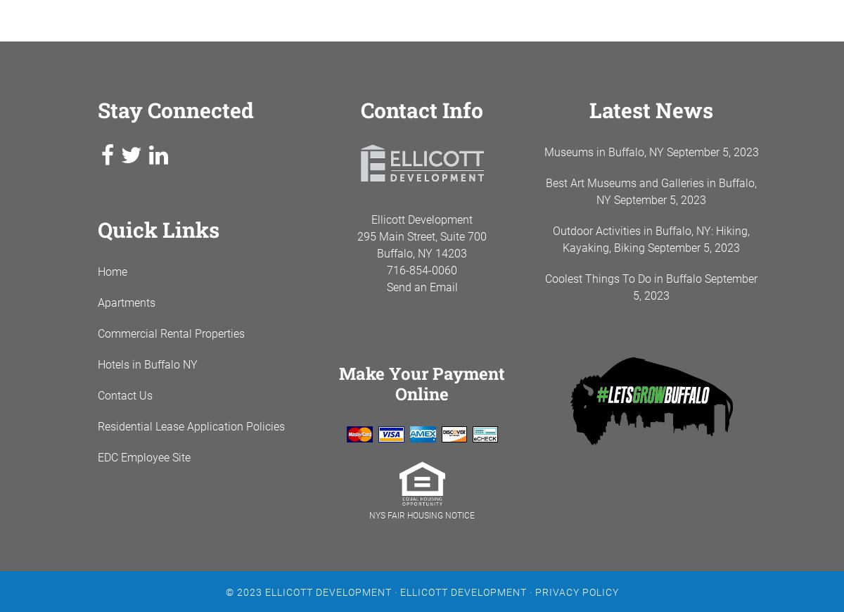 This screenshot has height=612, width=844. What do you see at coordinates (97, 272) in the screenshot?
I see `'Home'` at bounding box center [97, 272].